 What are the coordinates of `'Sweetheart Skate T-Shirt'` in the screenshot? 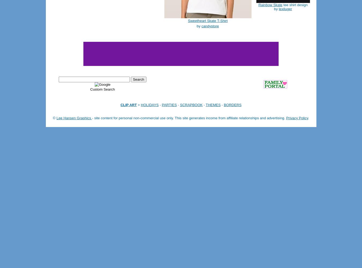 It's located at (207, 20).